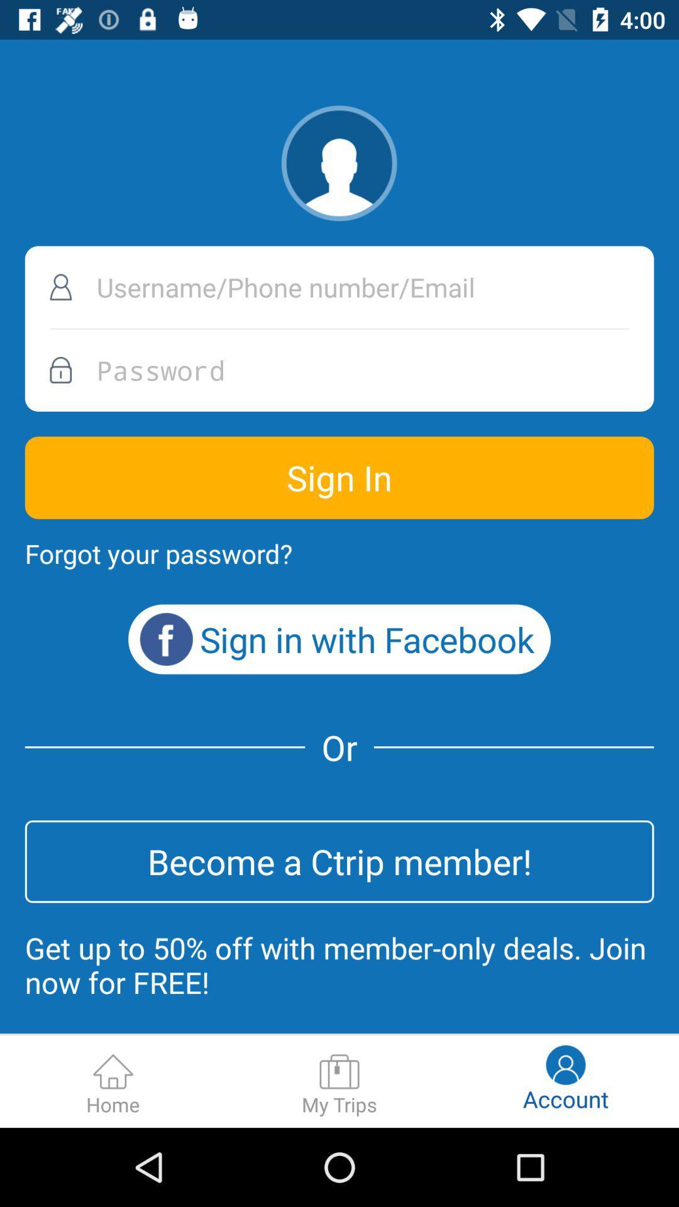 The image size is (679, 1207). What do you see at coordinates (339, 861) in the screenshot?
I see `the become a ctrip icon` at bounding box center [339, 861].